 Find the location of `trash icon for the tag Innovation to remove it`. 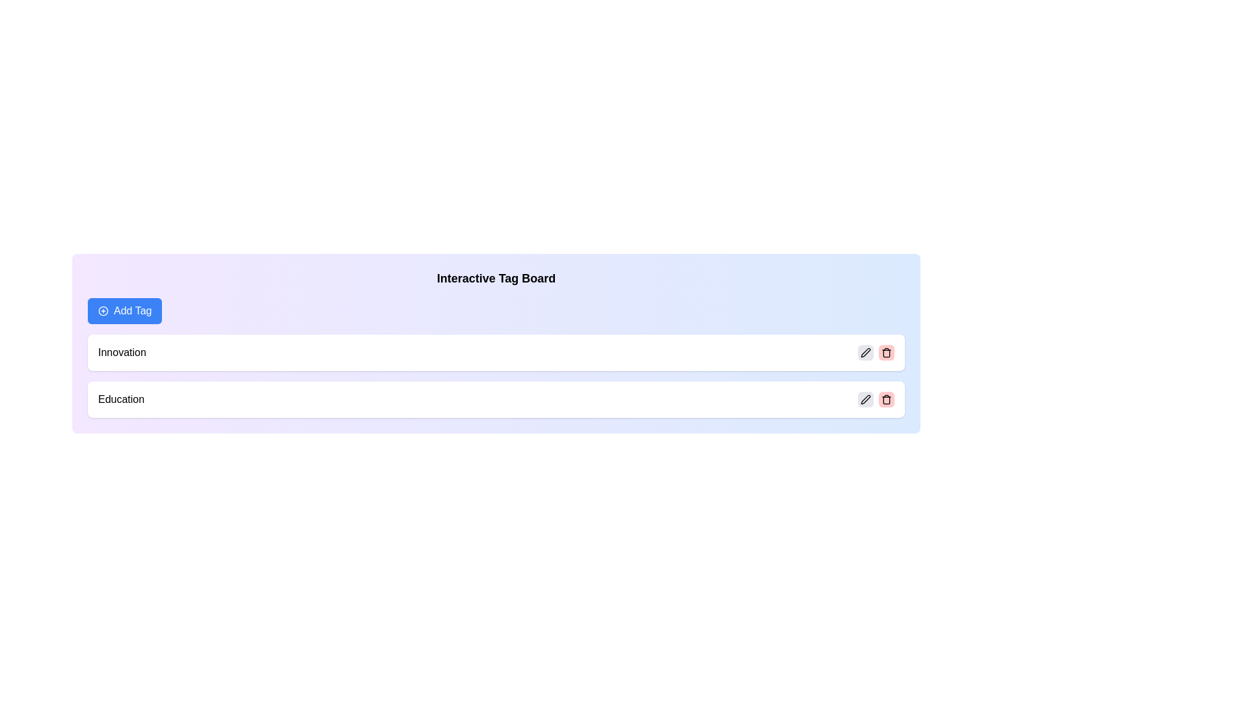

trash icon for the tag Innovation to remove it is located at coordinates (886, 353).